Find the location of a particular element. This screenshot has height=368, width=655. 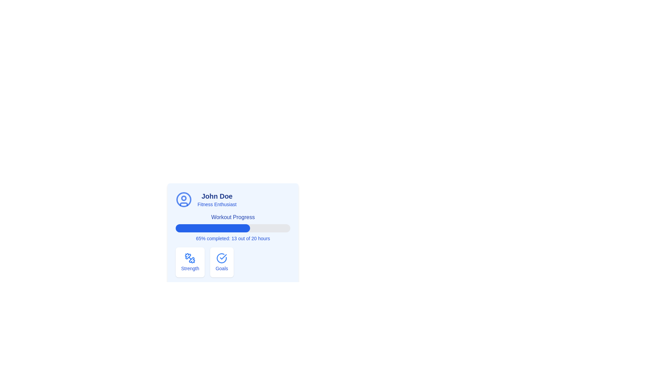

the icon representing strength training within the 'Strength' section of the card interface is located at coordinates (190, 258).